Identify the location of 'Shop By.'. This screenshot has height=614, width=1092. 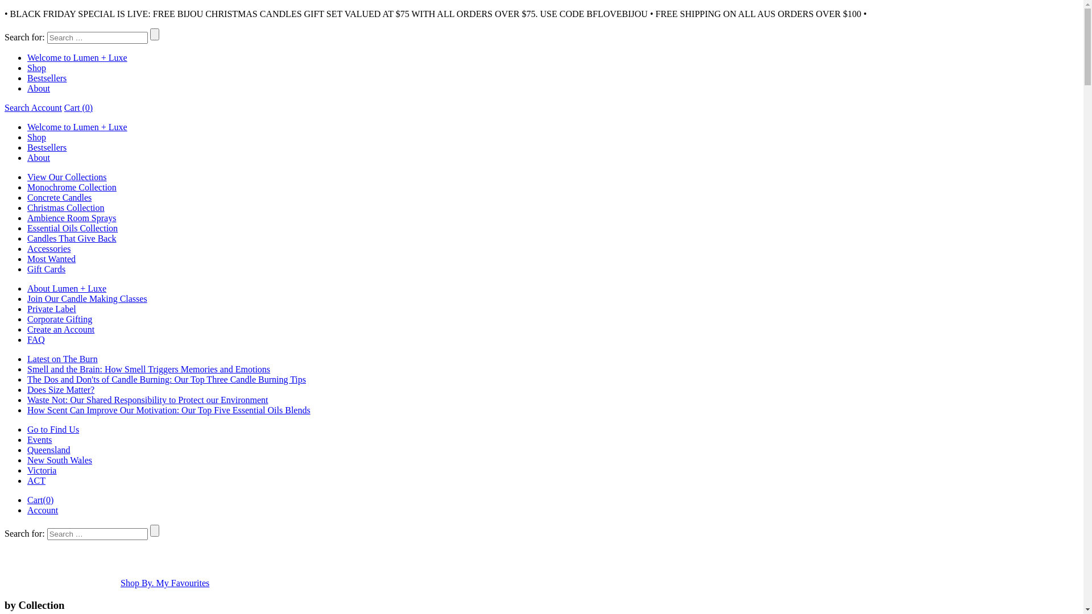
(138, 583).